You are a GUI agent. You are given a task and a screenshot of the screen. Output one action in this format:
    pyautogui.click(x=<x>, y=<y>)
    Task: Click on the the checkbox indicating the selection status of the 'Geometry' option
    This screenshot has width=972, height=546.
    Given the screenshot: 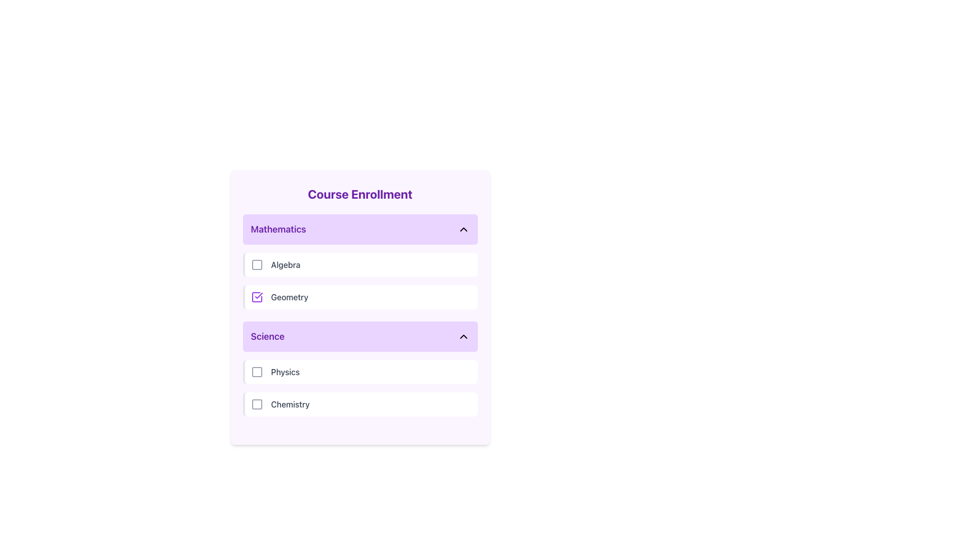 What is the action you would take?
    pyautogui.click(x=257, y=296)
    